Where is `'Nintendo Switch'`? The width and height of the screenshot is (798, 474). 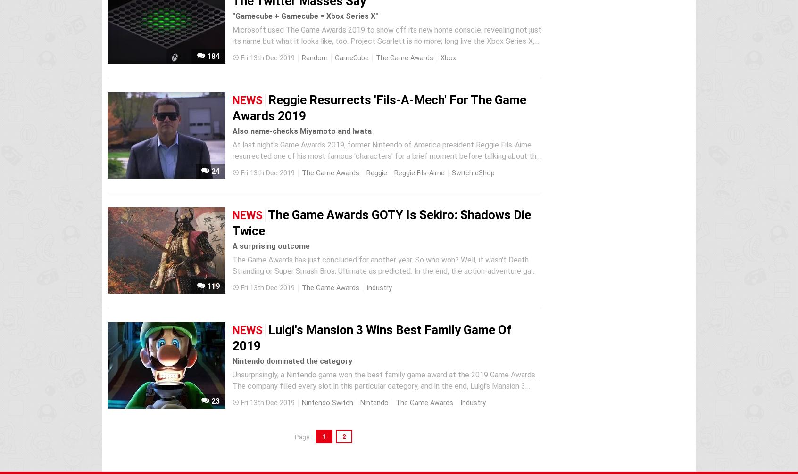
'Nintendo Switch' is located at coordinates (327, 402).